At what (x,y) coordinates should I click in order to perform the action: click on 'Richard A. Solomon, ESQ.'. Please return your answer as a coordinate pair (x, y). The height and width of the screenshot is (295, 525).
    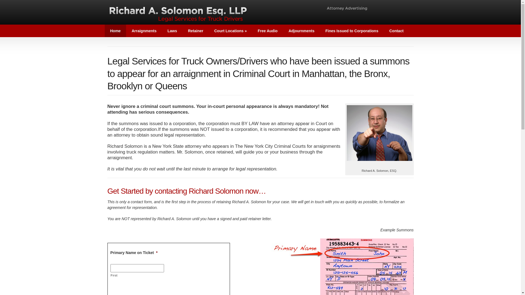
    Looking at the image, I should click on (379, 133).